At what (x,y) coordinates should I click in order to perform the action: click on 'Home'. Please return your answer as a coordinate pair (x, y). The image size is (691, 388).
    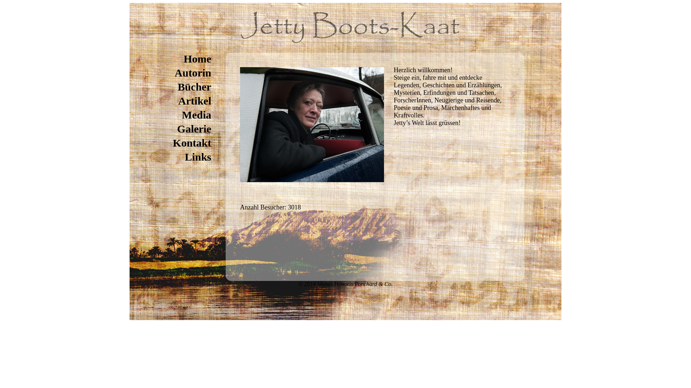
    Looking at the image, I should click on (197, 58).